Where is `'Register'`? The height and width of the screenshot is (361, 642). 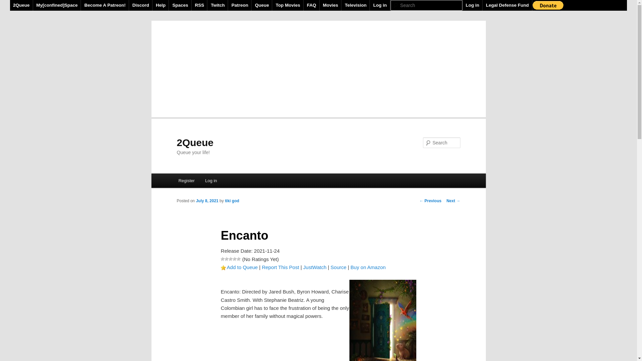
'Register' is located at coordinates (186, 180).